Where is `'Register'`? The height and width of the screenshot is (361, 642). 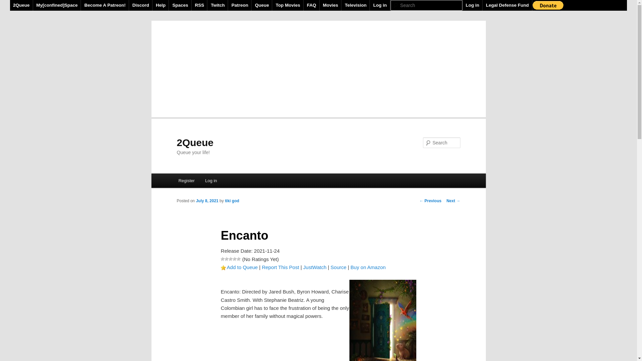
'Register' is located at coordinates (186, 180).